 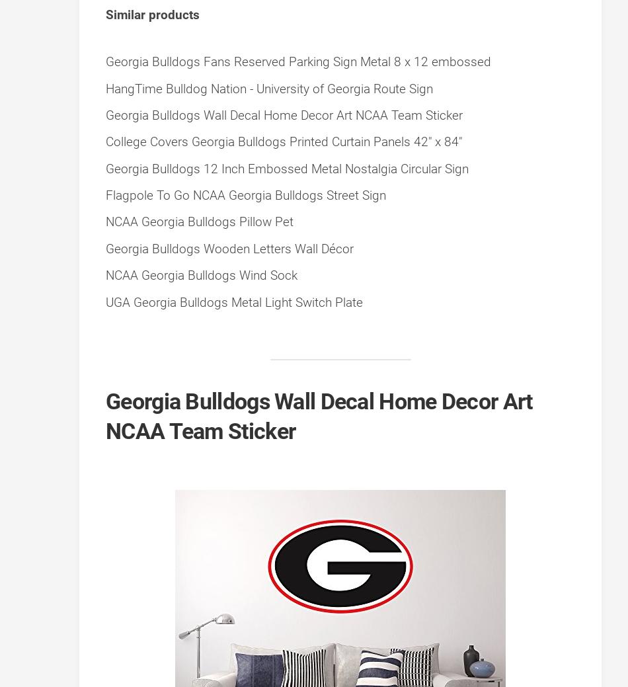 What do you see at coordinates (283, 141) in the screenshot?
I see `'College Covers Georgia Bulldogs Printed Curtain Panels 42" x 84"'` at bounding box center [283, 141].